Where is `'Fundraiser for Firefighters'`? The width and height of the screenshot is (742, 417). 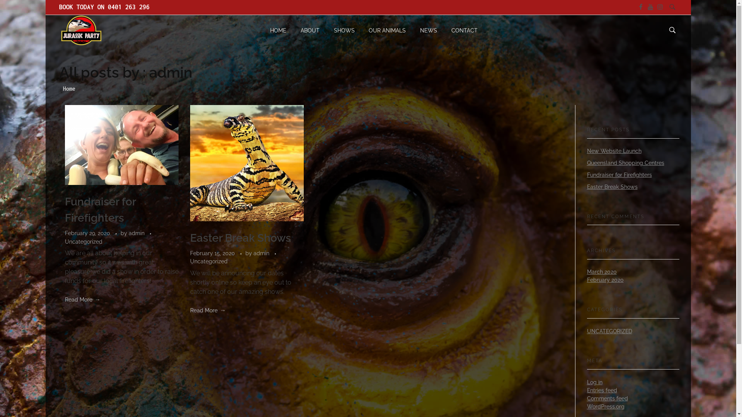
'Fundraiser for Firefighters' is located at coordinates (65, 210).